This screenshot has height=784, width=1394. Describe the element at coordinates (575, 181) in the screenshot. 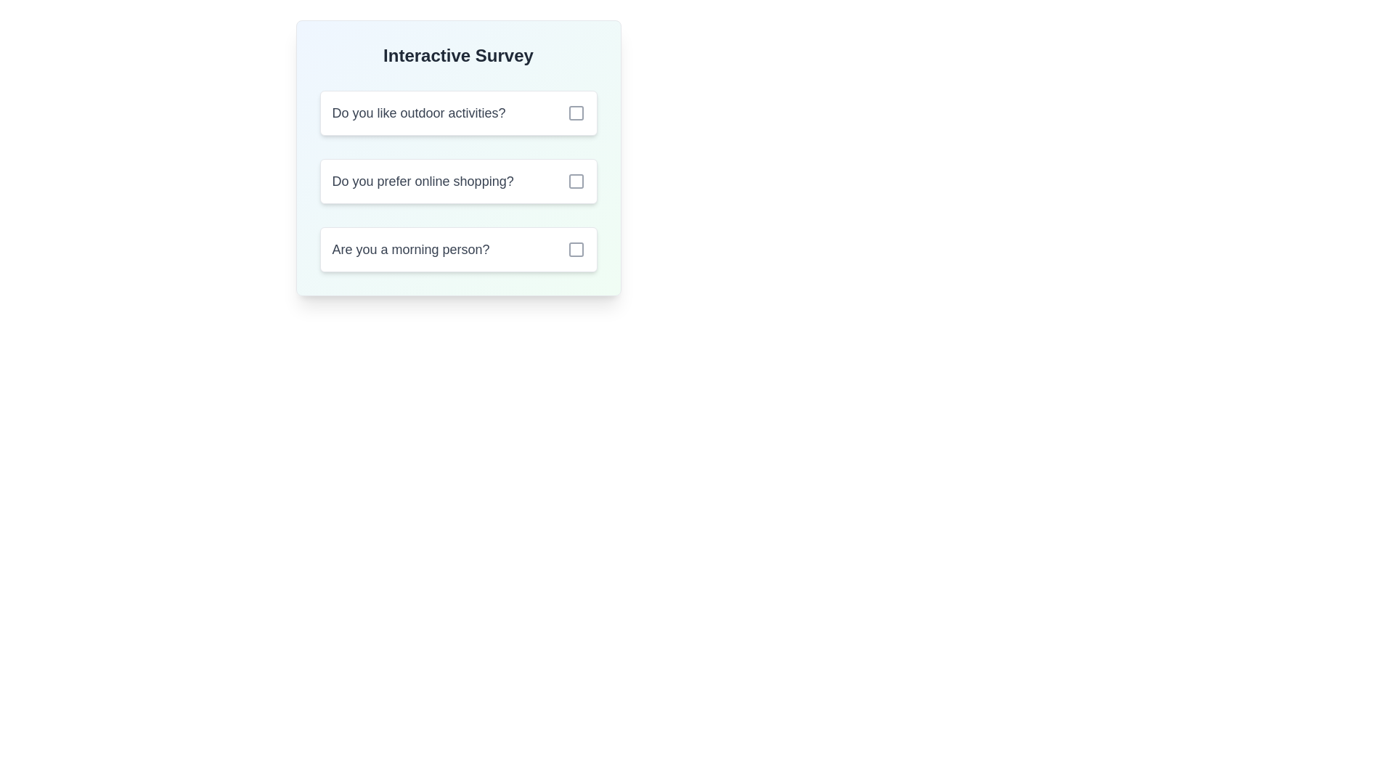

I see `the second checkbox adjacent` at that location.